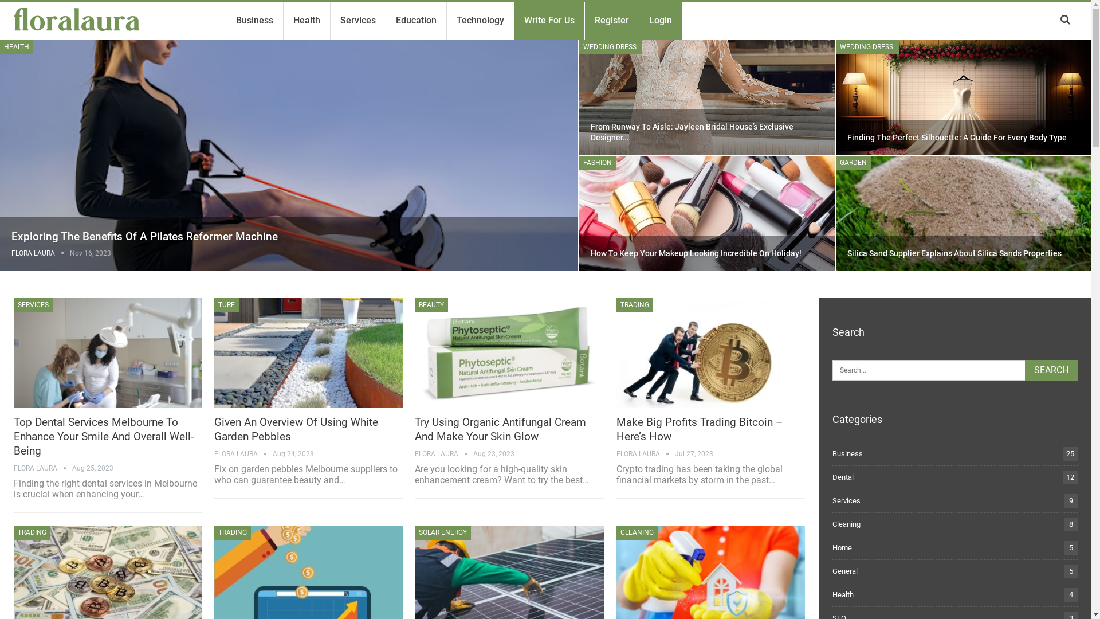 The width and height of the screenshot is (1100, 619). Describe the element at coordinates (415, 20) in the screenshot. I see `'Education'` at that location.